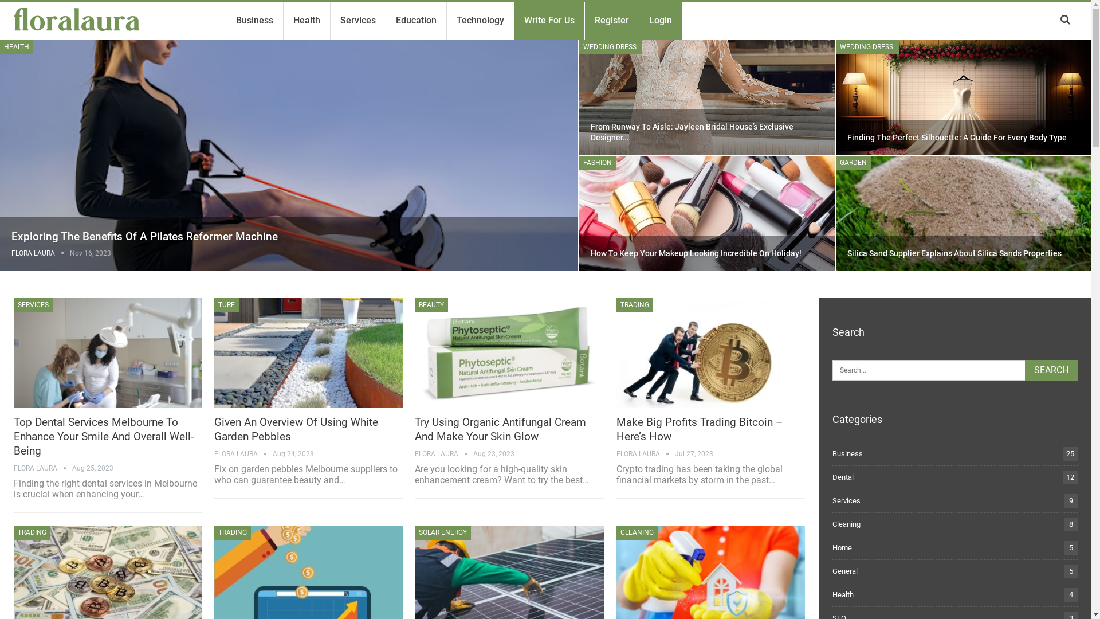 The width and height of the screenshot is (1100, 619). Describe the element at coordinates (415, 20) in the screenshot. I see `'Education'` at that location.